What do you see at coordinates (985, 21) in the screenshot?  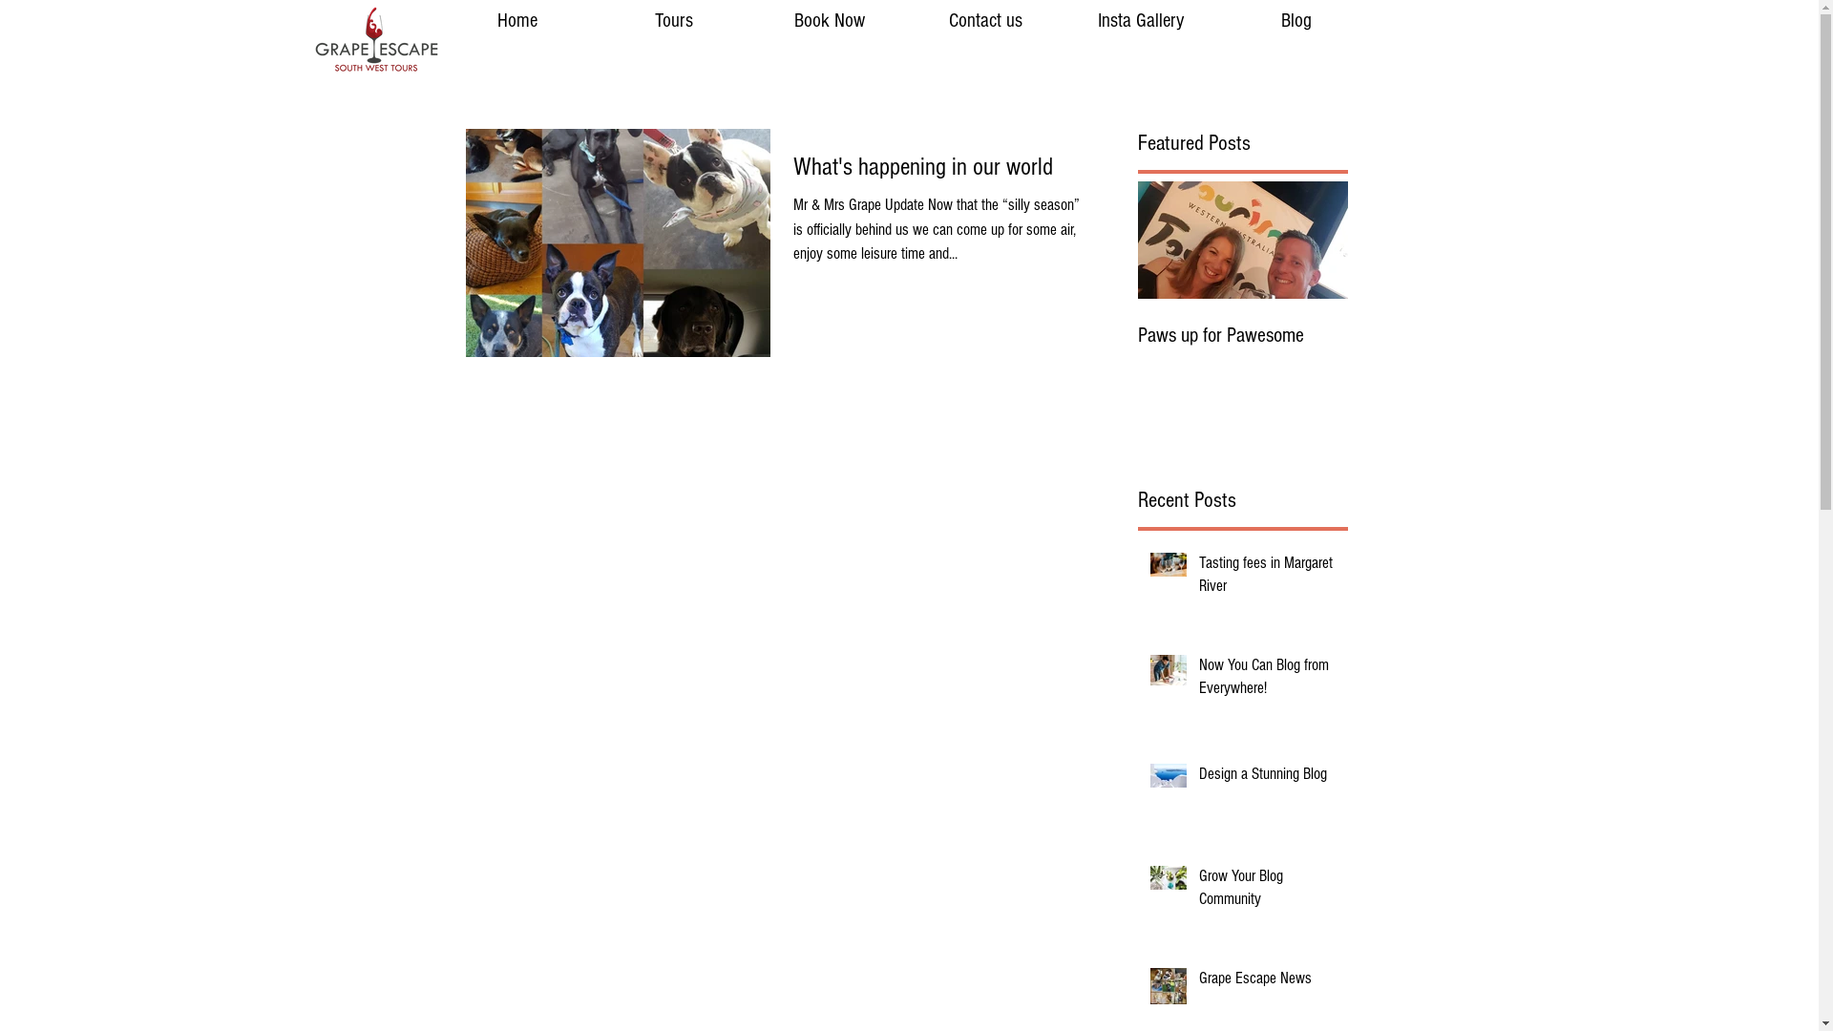 I see `'Contact us'` at bounding box center [985, 21].